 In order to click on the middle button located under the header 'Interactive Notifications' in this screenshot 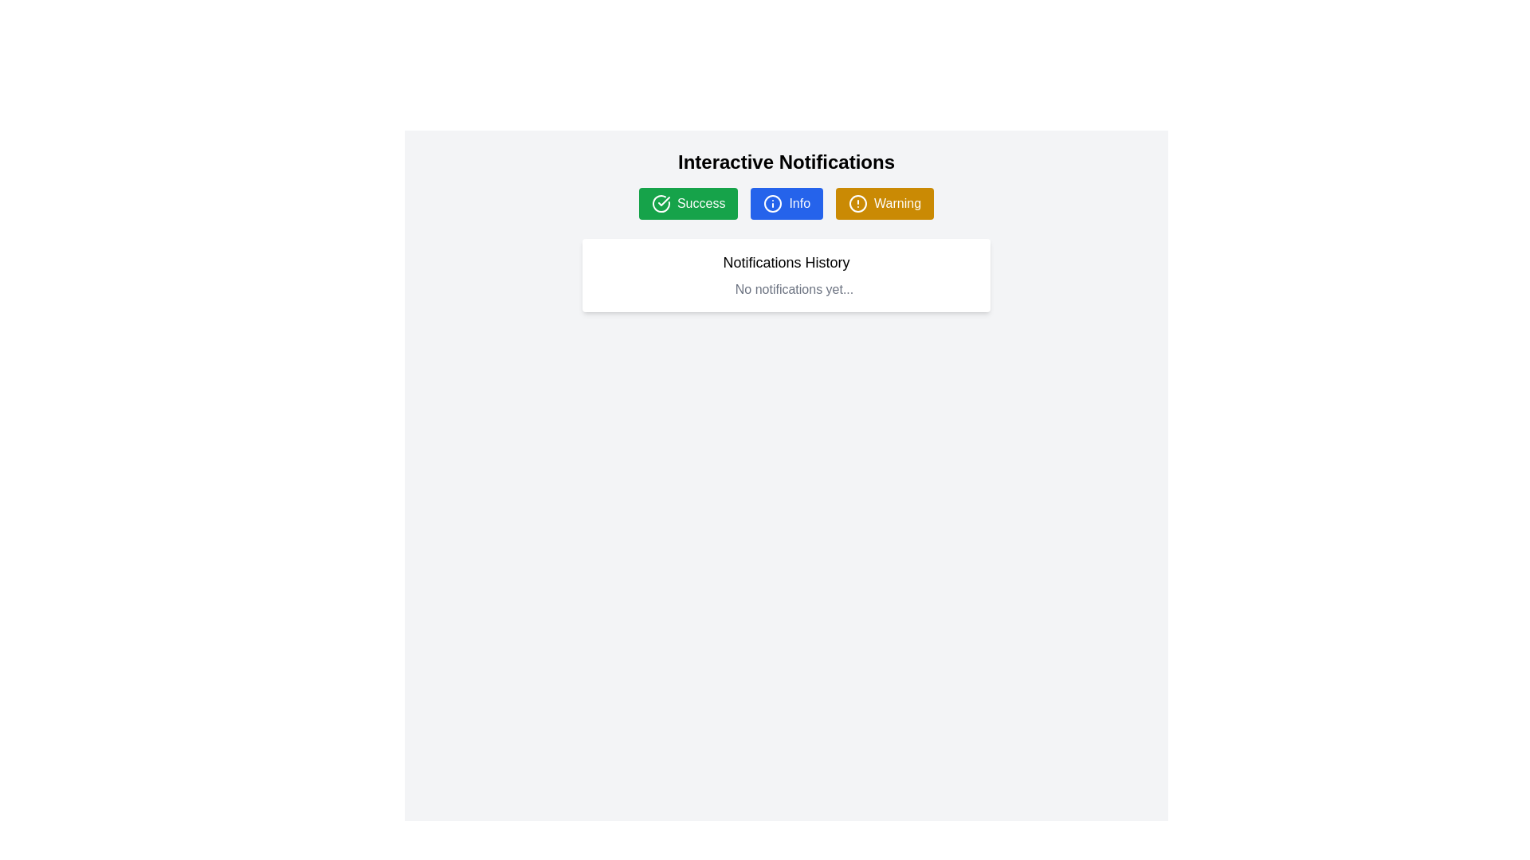, I will do `click(787, 202)`.